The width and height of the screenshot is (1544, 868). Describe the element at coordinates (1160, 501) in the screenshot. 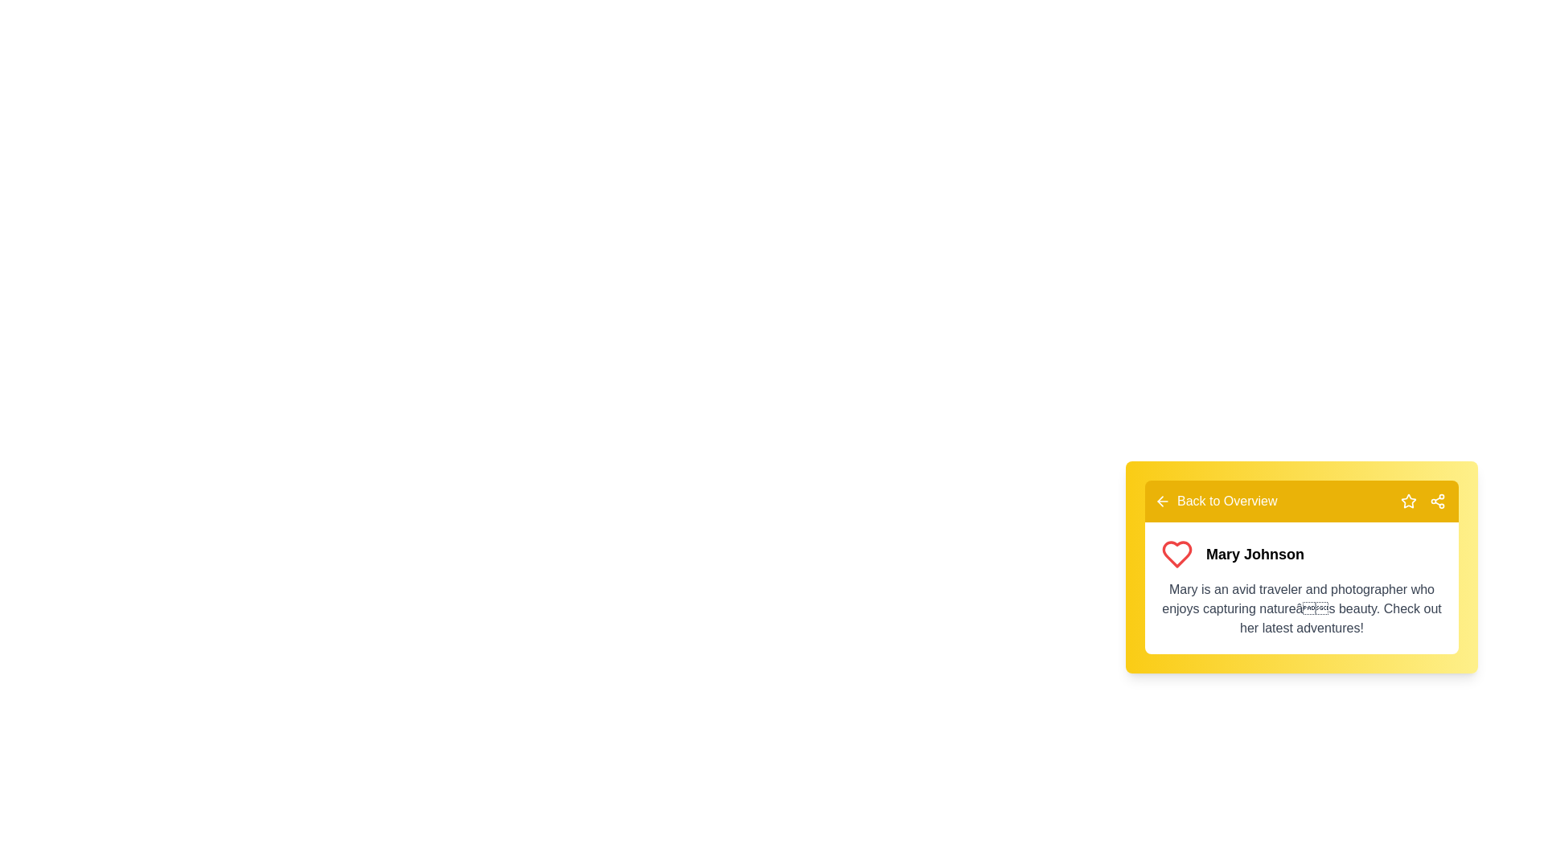

I see `the back navigation arrow icon located at the bottom-right corner of the interface` at that location.